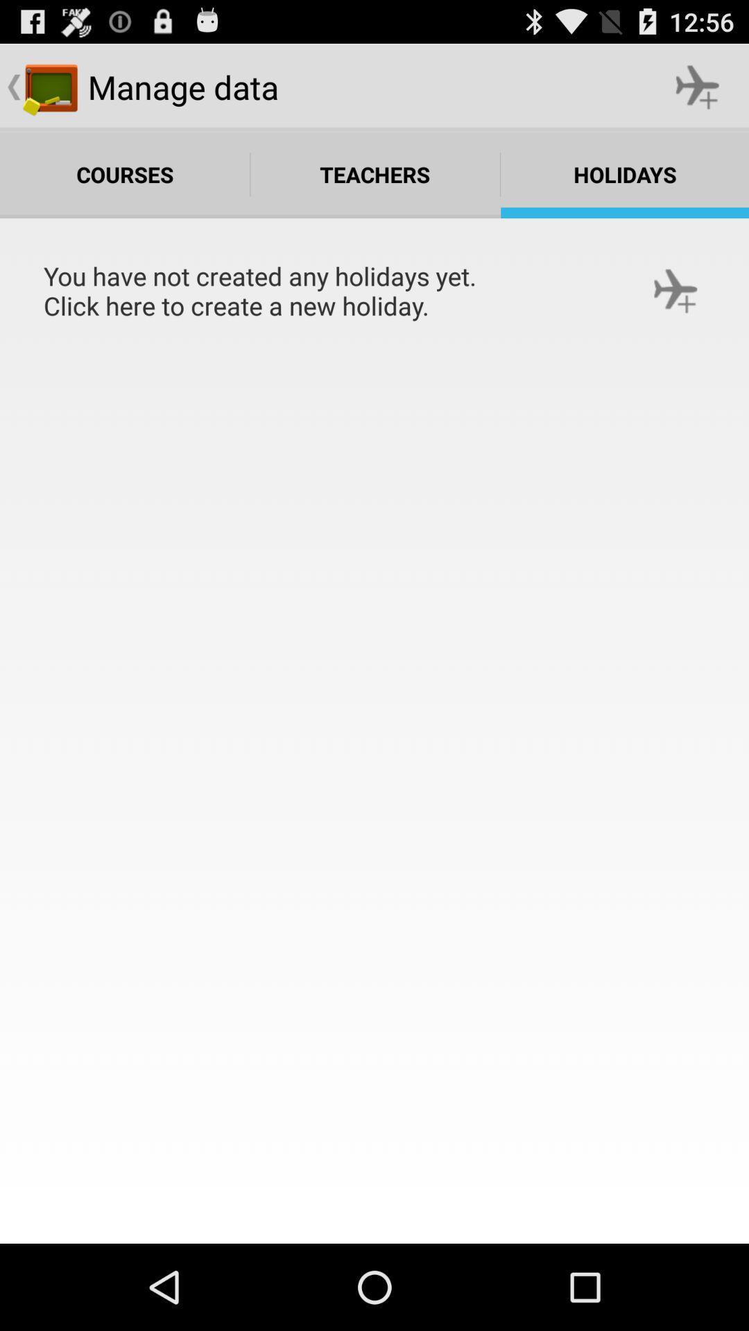 The image size is (749, 1331). I want to click on the app next to the manage data item, so click(698, 86).